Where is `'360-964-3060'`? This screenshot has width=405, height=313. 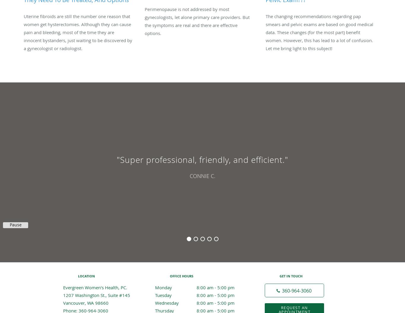 '360-964-3060' is located at coordinates (297, 290).